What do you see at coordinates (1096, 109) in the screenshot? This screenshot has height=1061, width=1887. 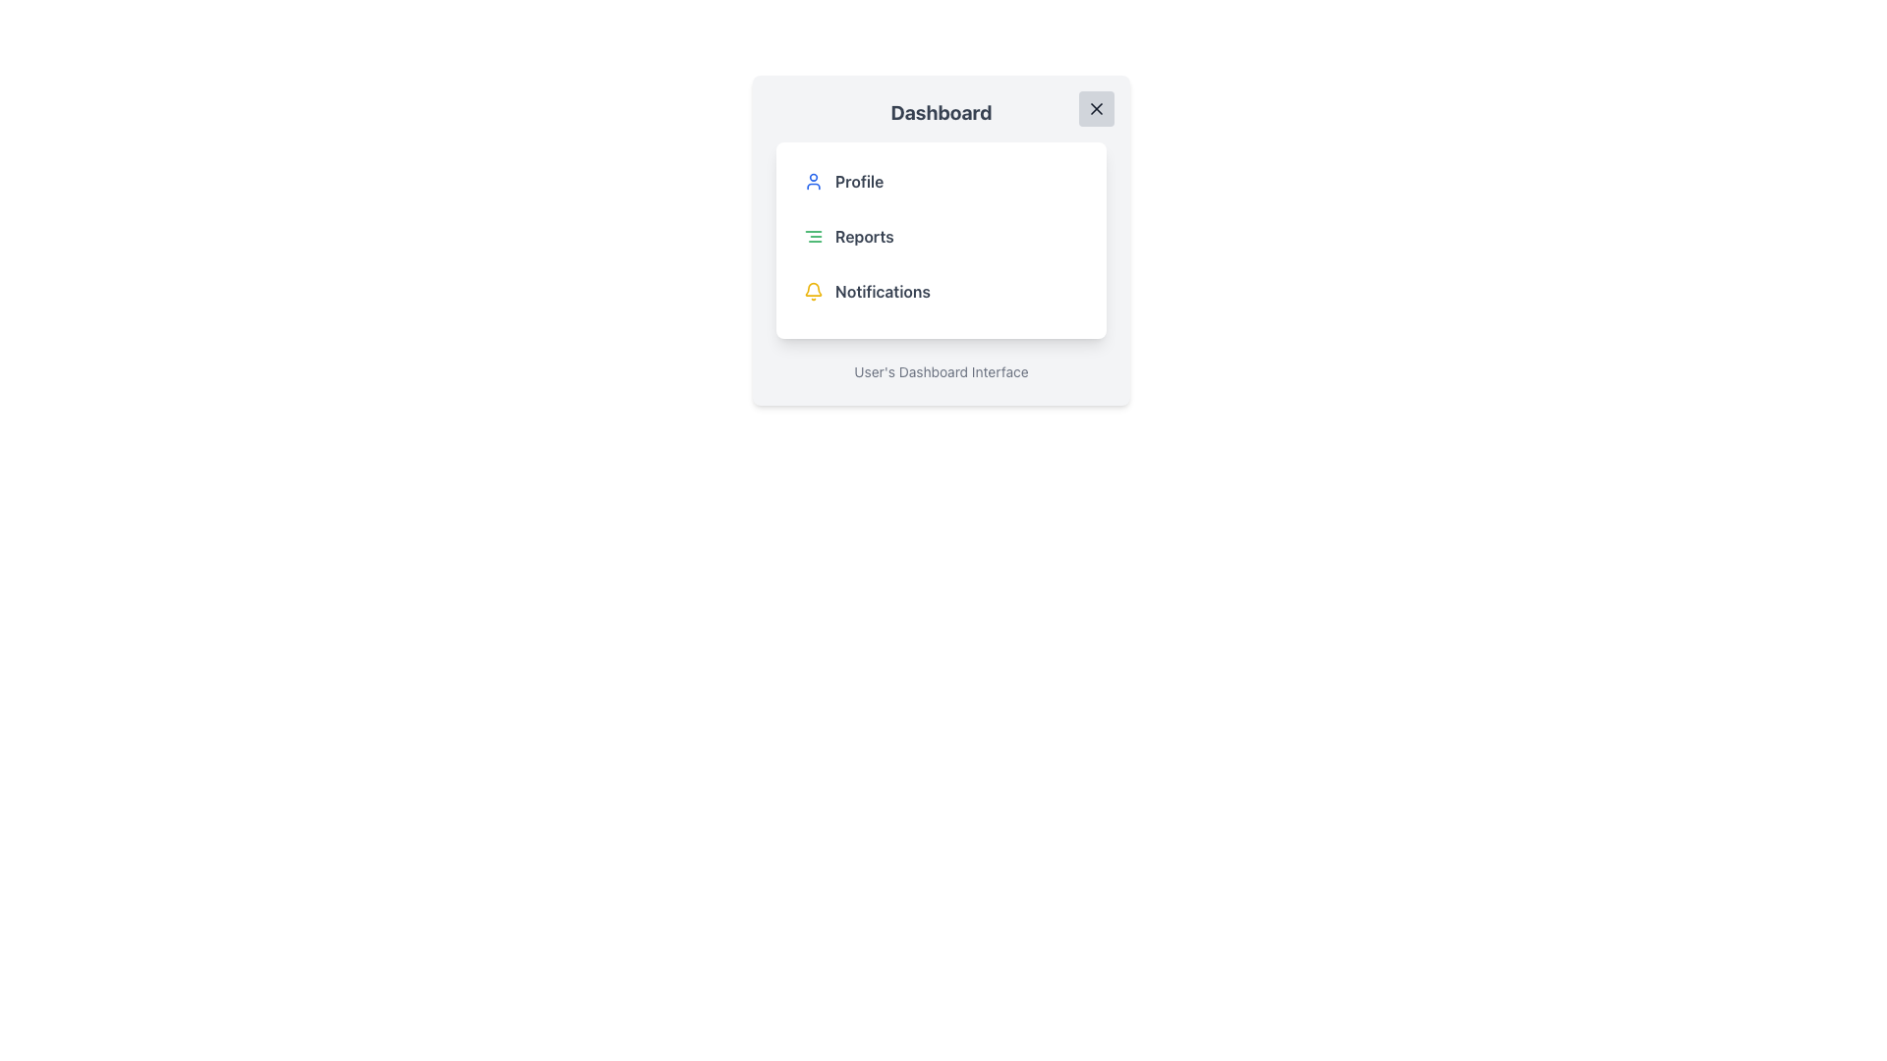 I see `the cross mark icon located in the top-right corner of a rounded button on the dashboard card` at bounding box center [1096, 109].